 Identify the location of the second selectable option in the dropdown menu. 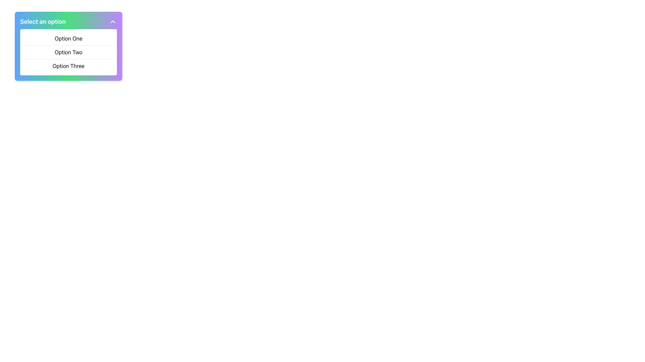
(68, 52).